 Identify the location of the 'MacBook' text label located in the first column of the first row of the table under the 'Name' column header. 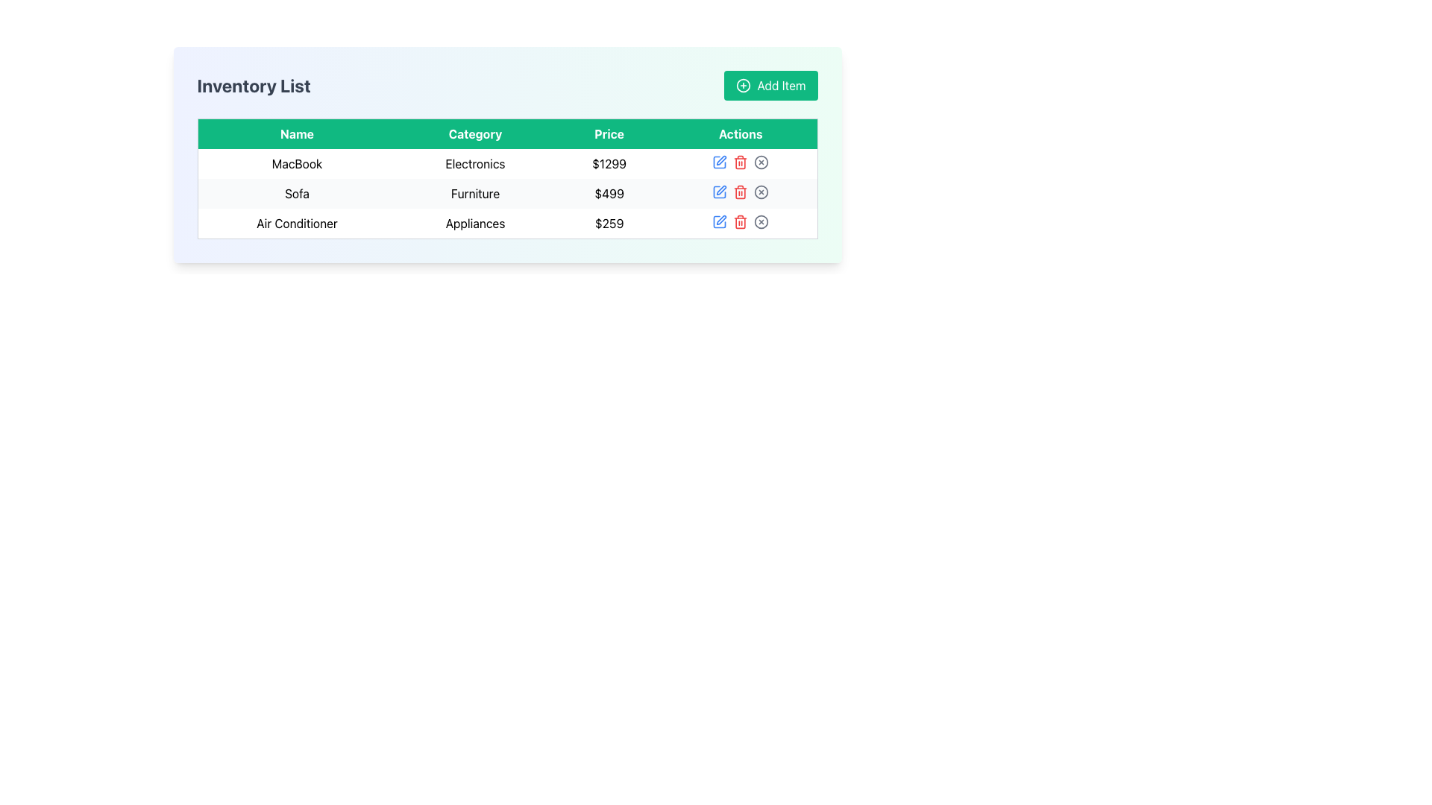
(297, 163).